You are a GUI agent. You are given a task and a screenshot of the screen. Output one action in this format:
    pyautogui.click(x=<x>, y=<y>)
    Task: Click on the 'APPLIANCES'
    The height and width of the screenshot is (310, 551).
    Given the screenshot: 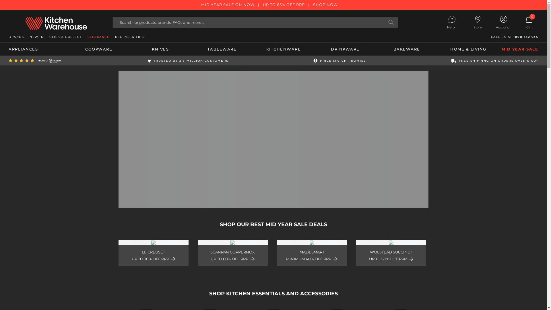 What is the action you would take?
    pyautogui.click(x=39, y=49)
    